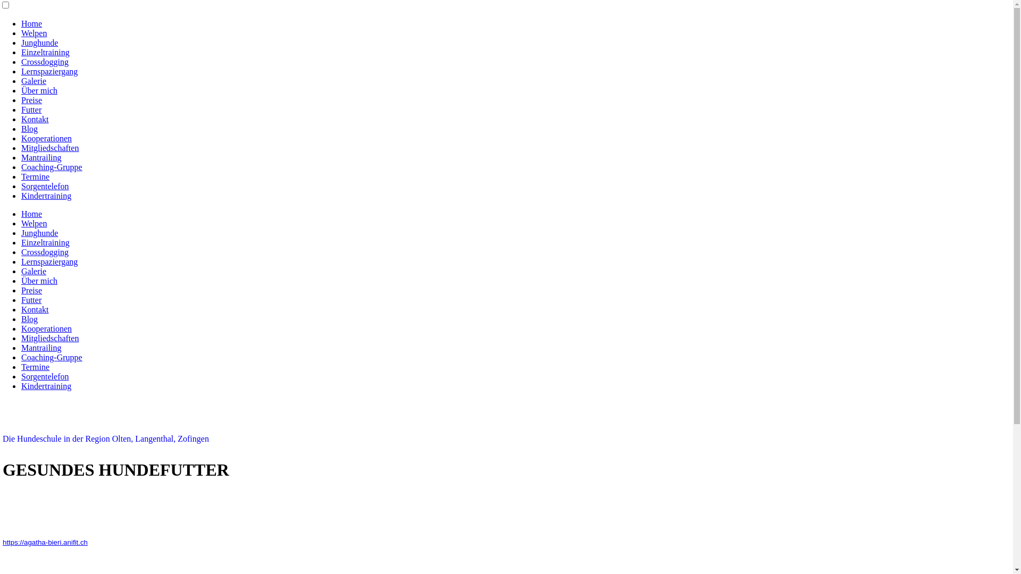 The width and height of the screenshot is (1021, 574). What do you see at coordinates (49, 338) in the screenshot?
I see `'Mitgliedschaften'` at bounding box center [49, 338].